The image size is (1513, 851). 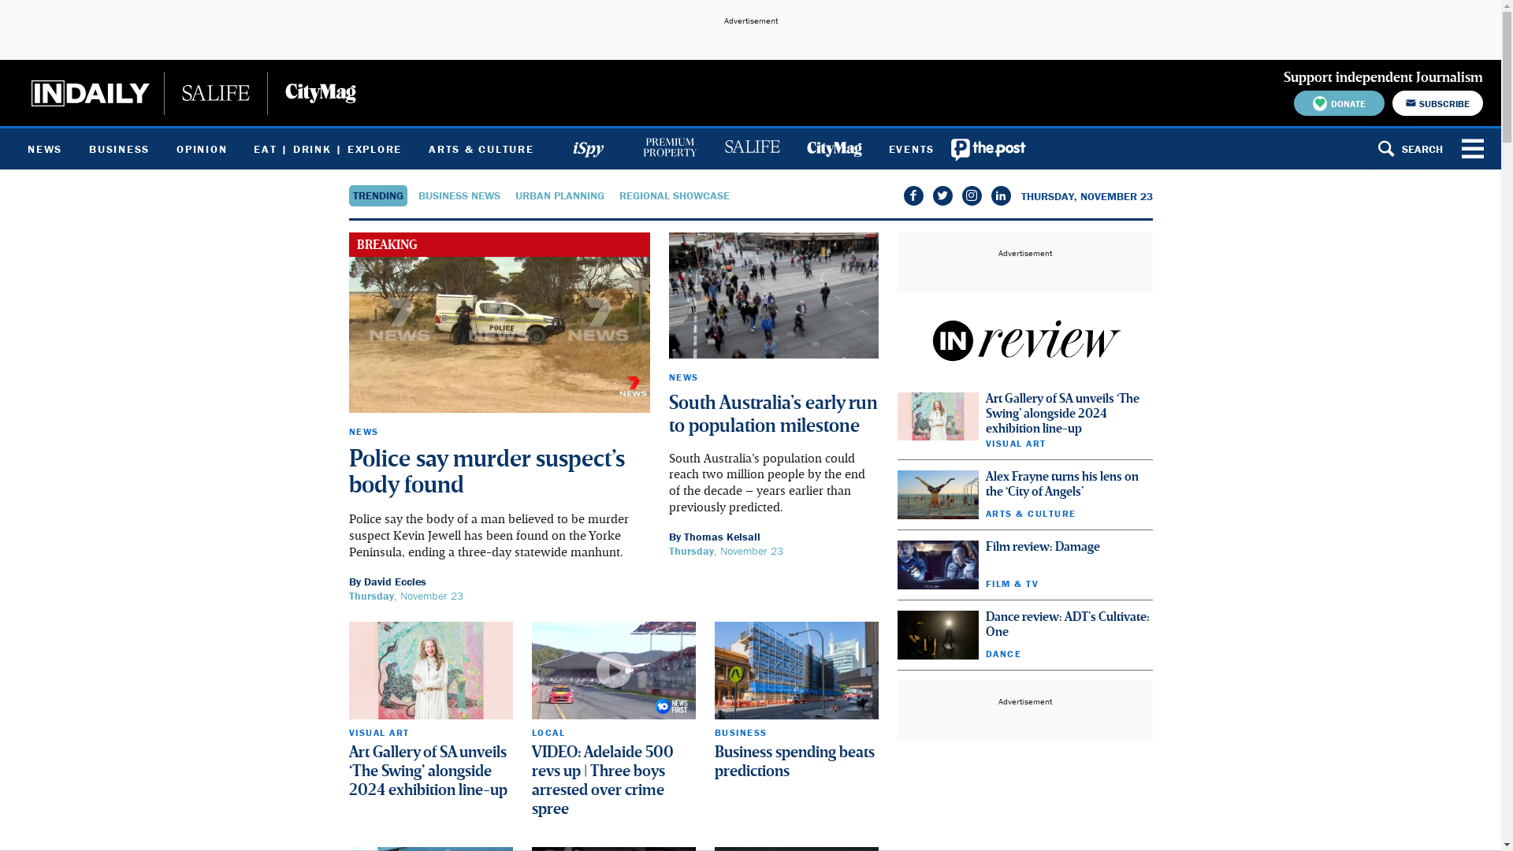 What do you see at coordinates (1042, 546) in the screenshot?
I see `'Film review: Damage'` at bounding box center [1042, 546].